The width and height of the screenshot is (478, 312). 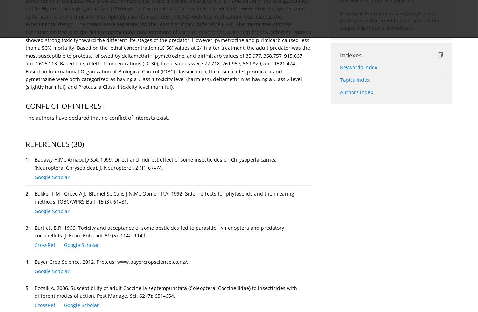 What do you see at coordinates (25, 227) in the screenshot?
I see `'3.'` at bounding box center [25, 227].